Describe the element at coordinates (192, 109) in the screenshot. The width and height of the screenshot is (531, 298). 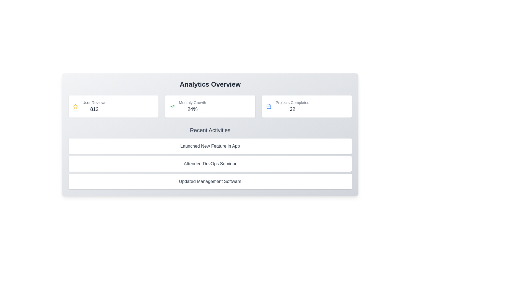
I see `the bold numeric percentage label displaying '24%' in dark grey, located below 'Monthly Growth' and centered in the top row of the layout` at that location.